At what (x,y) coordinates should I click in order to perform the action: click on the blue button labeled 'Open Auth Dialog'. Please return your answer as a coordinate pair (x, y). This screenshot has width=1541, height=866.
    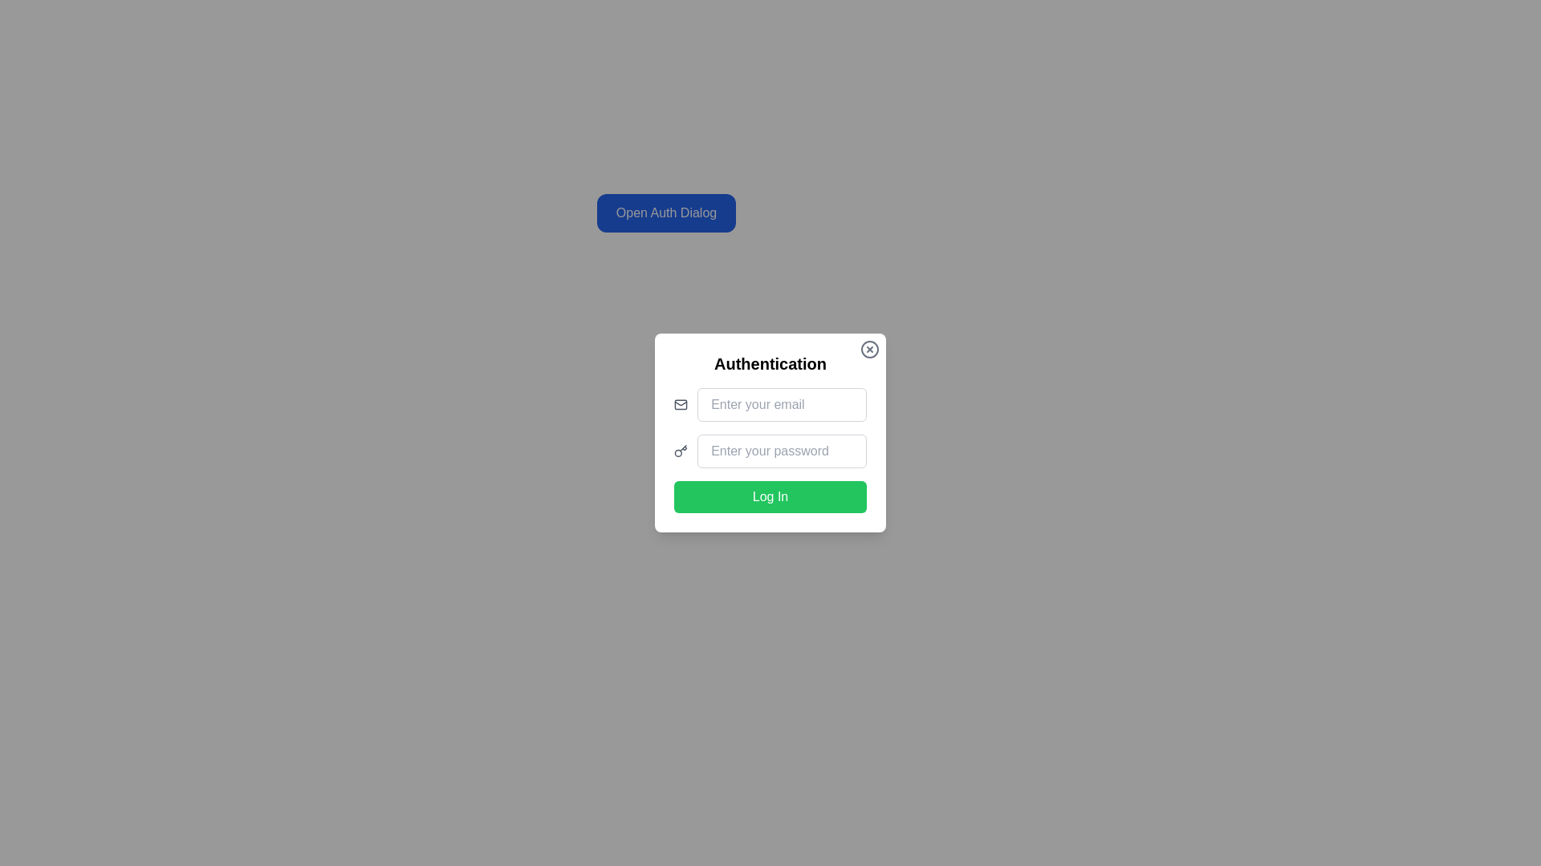
    Looking at the image, I should click on (666, 212).